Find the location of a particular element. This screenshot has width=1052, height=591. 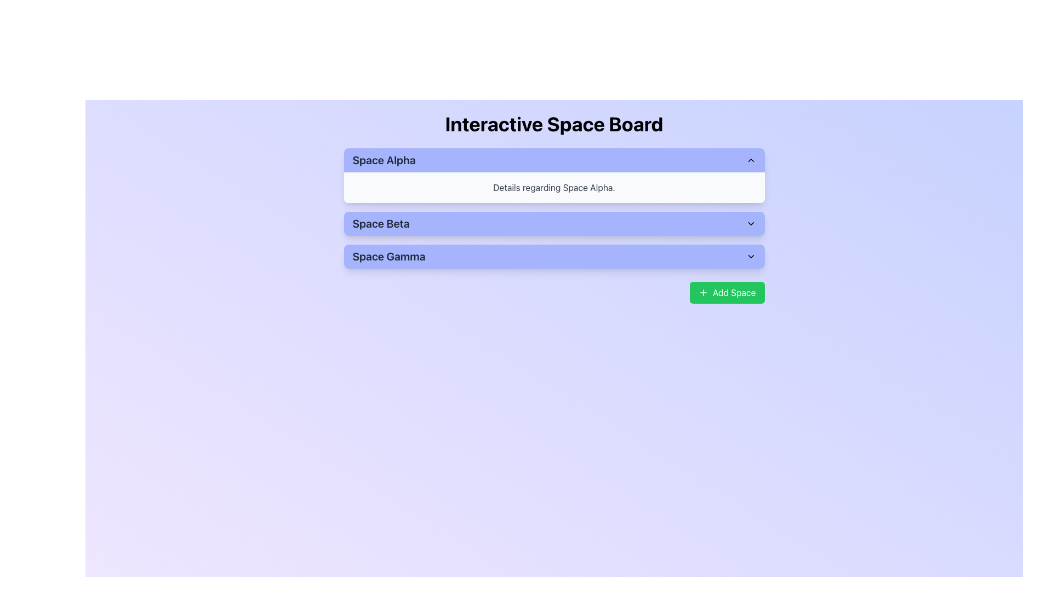

the 'Interactive Space Board' text label, which serves as the primary title for the interface is located at coordinates (554, 124).